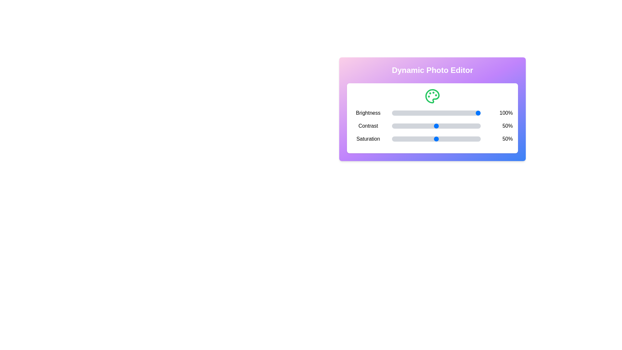 The image size is (622, 350). Describe the element at coordinates (421, 126) in the screenshot. I see `the Contrast slider to set its value to 33` at that location.